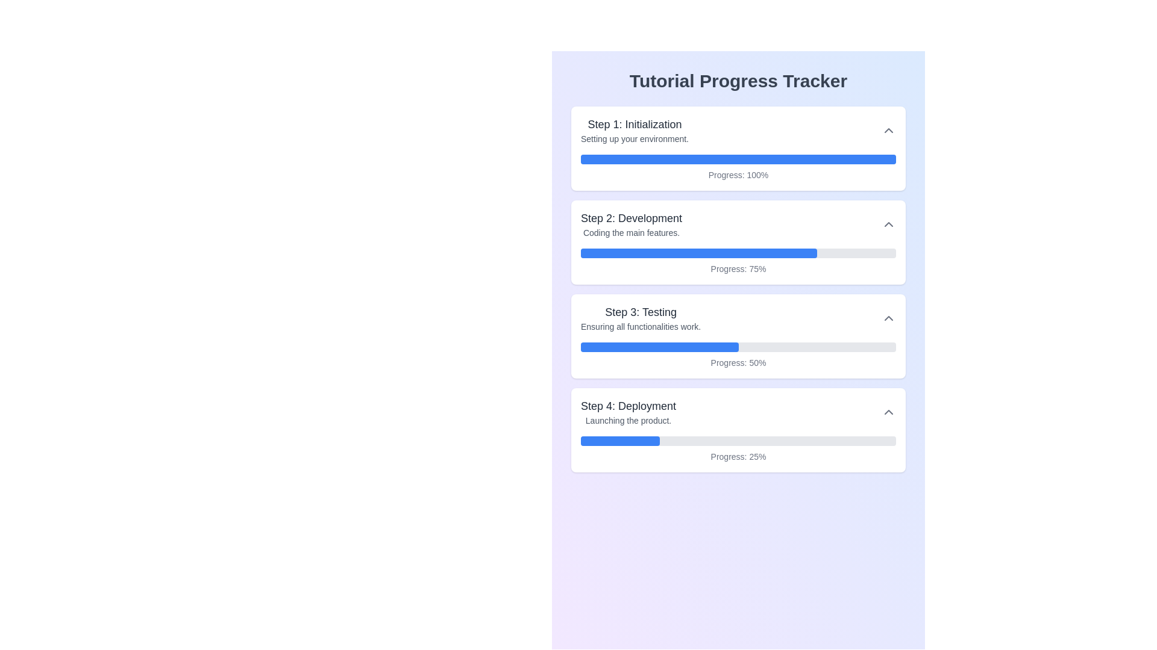  Describe the element at coordinates (738, 457) in the screenshot. I see `the text label displaying progress information for 'Step 4: Deployment', which indicates that 25% of the task is completed` at that location.